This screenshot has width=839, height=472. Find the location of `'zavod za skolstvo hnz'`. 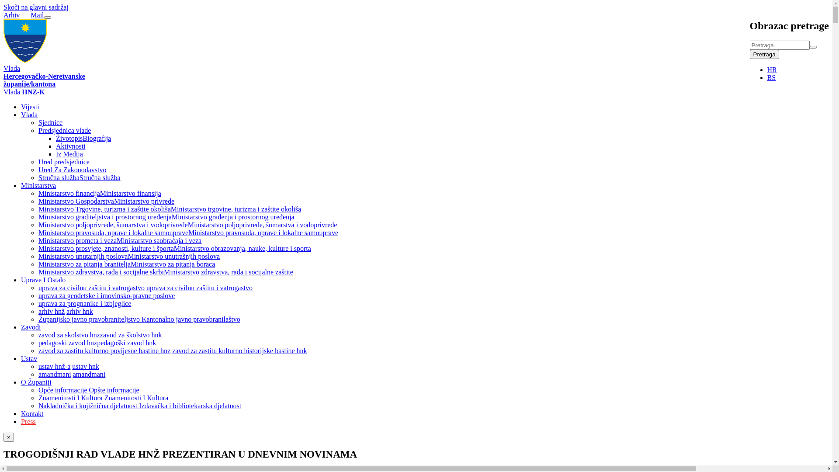

'zavod za skolstvo hnz' is located at coordinates (69, 334).